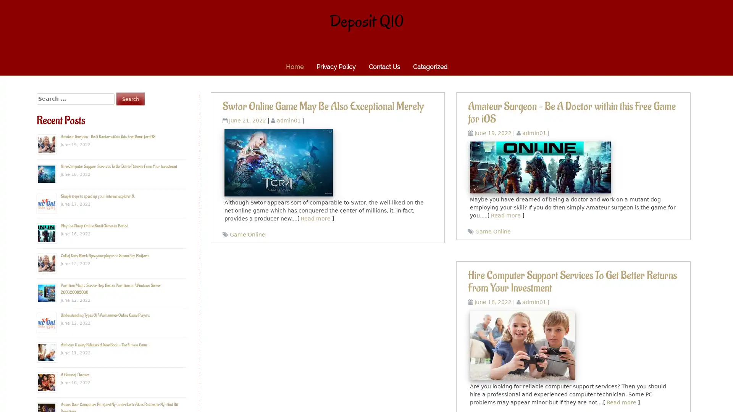 The width and height of the screenshot is (733, 412). Describe the element at coordinates (130, 98) in the screenshot. I see `Search` at that location.